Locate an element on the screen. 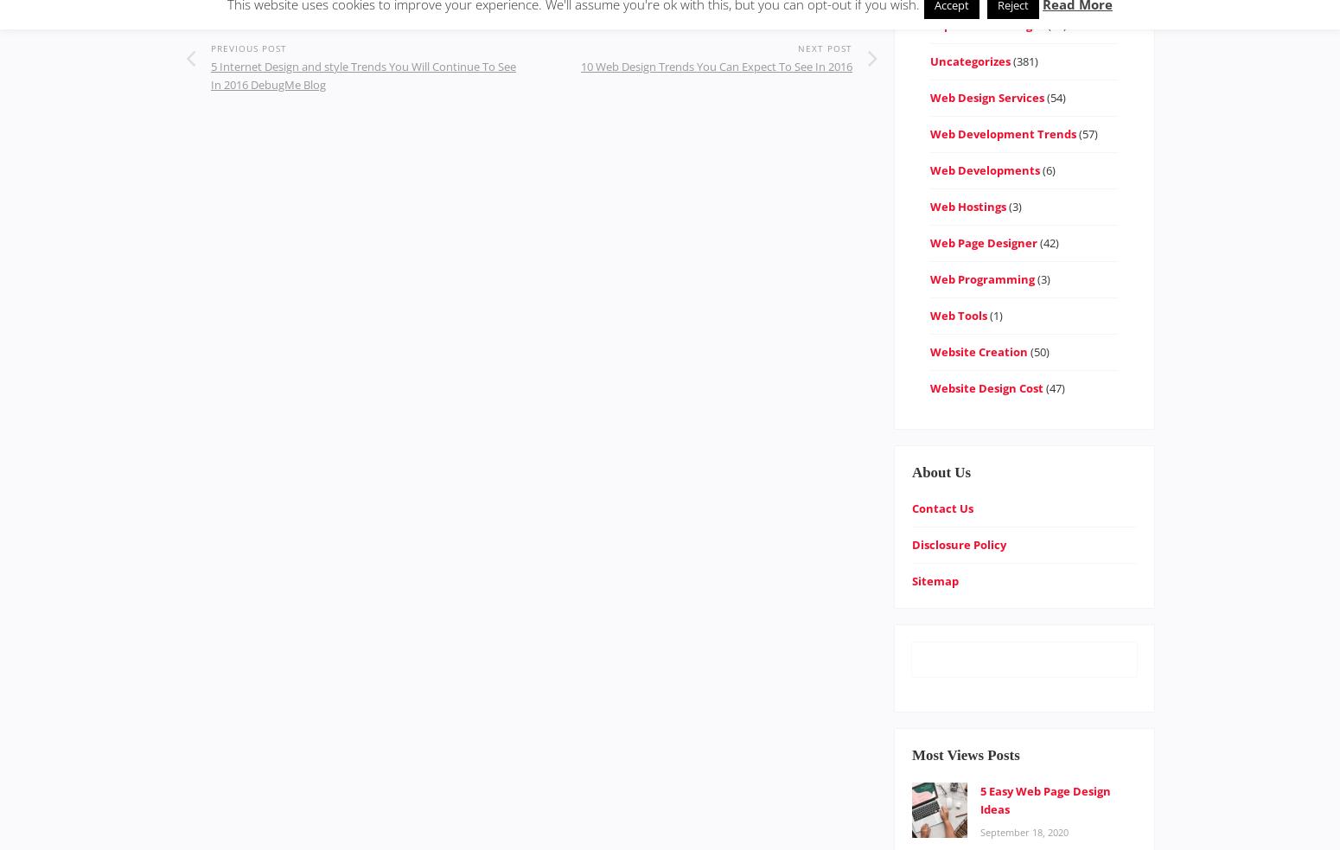  'Web Tools' is located at coordinates (956, 314).